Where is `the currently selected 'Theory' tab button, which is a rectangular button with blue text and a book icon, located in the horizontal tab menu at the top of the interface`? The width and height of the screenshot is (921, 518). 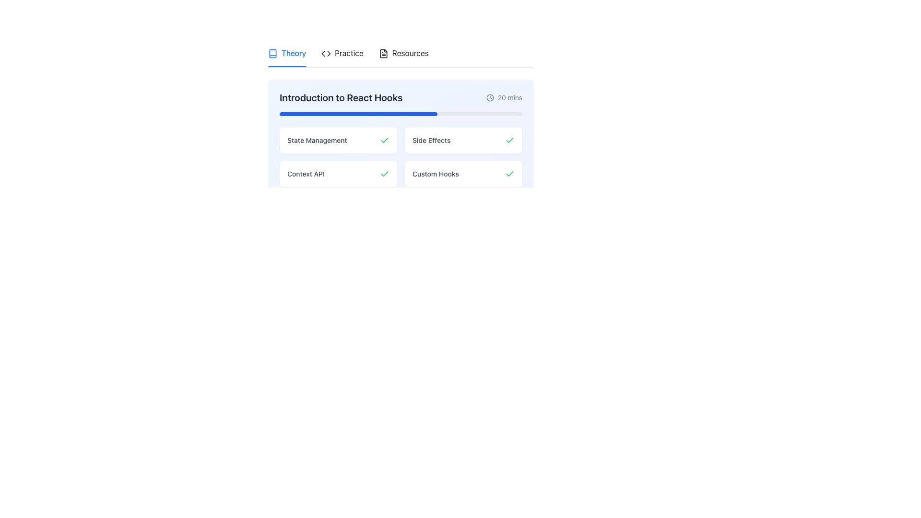 the currently selected 'Theory' tab button, which is a rectangular button with blue text and a book icon, located in the horizontal tab menu at the top of the interface is located at coordinates (286, 53).